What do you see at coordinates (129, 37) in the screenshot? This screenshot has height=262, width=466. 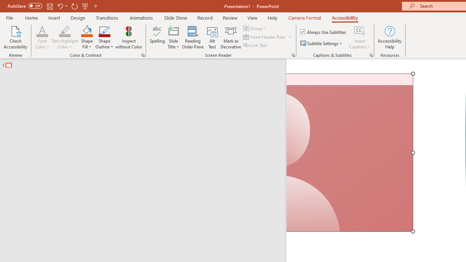 I see `'Inspect without Color'` at bounding box center [129, 37].